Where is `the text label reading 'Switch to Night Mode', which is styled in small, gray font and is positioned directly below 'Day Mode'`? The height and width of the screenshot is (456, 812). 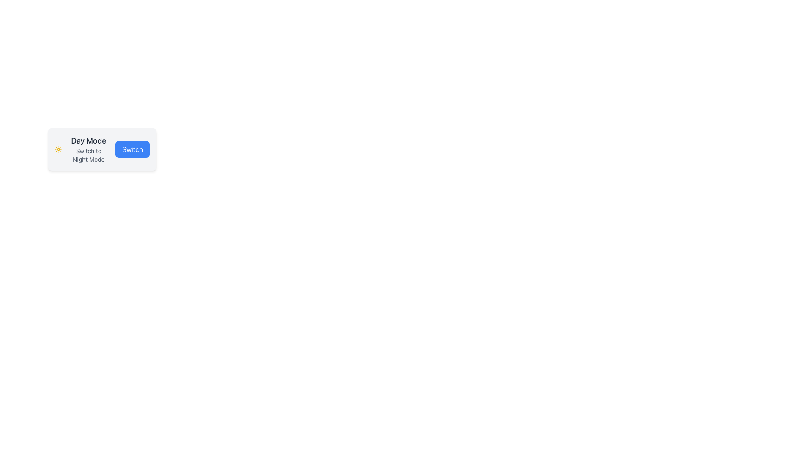 the text label reading 'Switch to Night Mode', which is styled in small, gray font and is positioned directly below 'Day Mode' is located at coordinates (88, 155).